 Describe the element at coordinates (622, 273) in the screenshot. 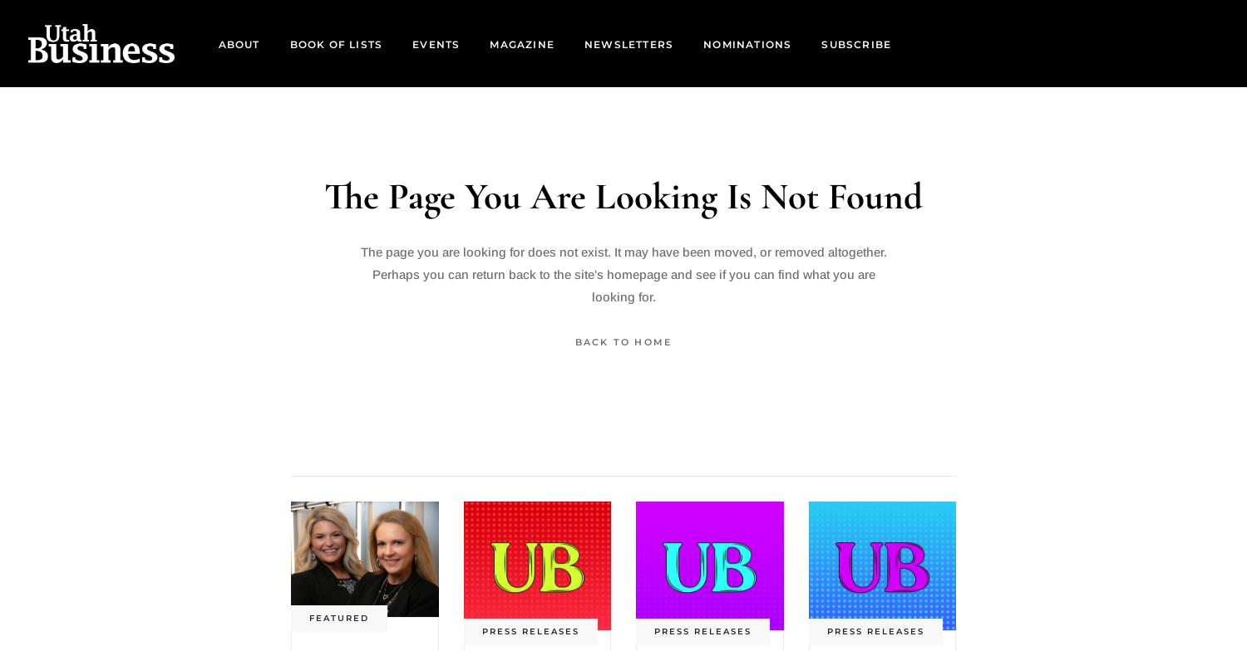

I see `'The page you are looking for does not exist. It may have been moved, or removed altogether. Perhaps you can return back to the site's homepage and see if you can find what you are looking for.'` at that location.